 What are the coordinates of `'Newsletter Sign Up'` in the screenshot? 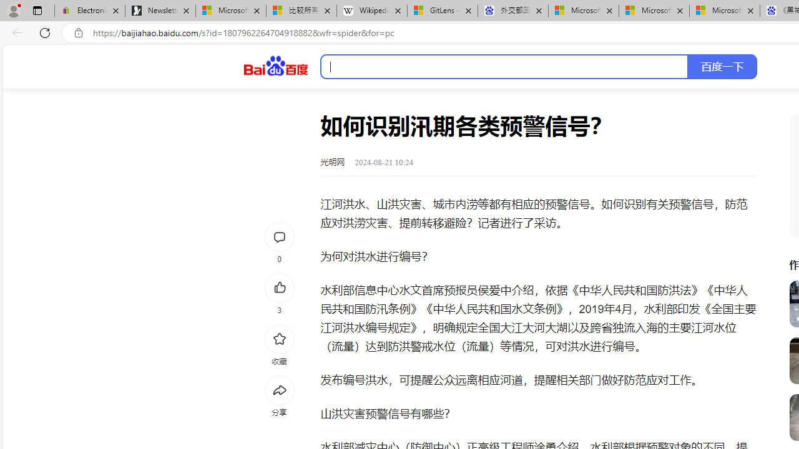 It's located at (160, 11).